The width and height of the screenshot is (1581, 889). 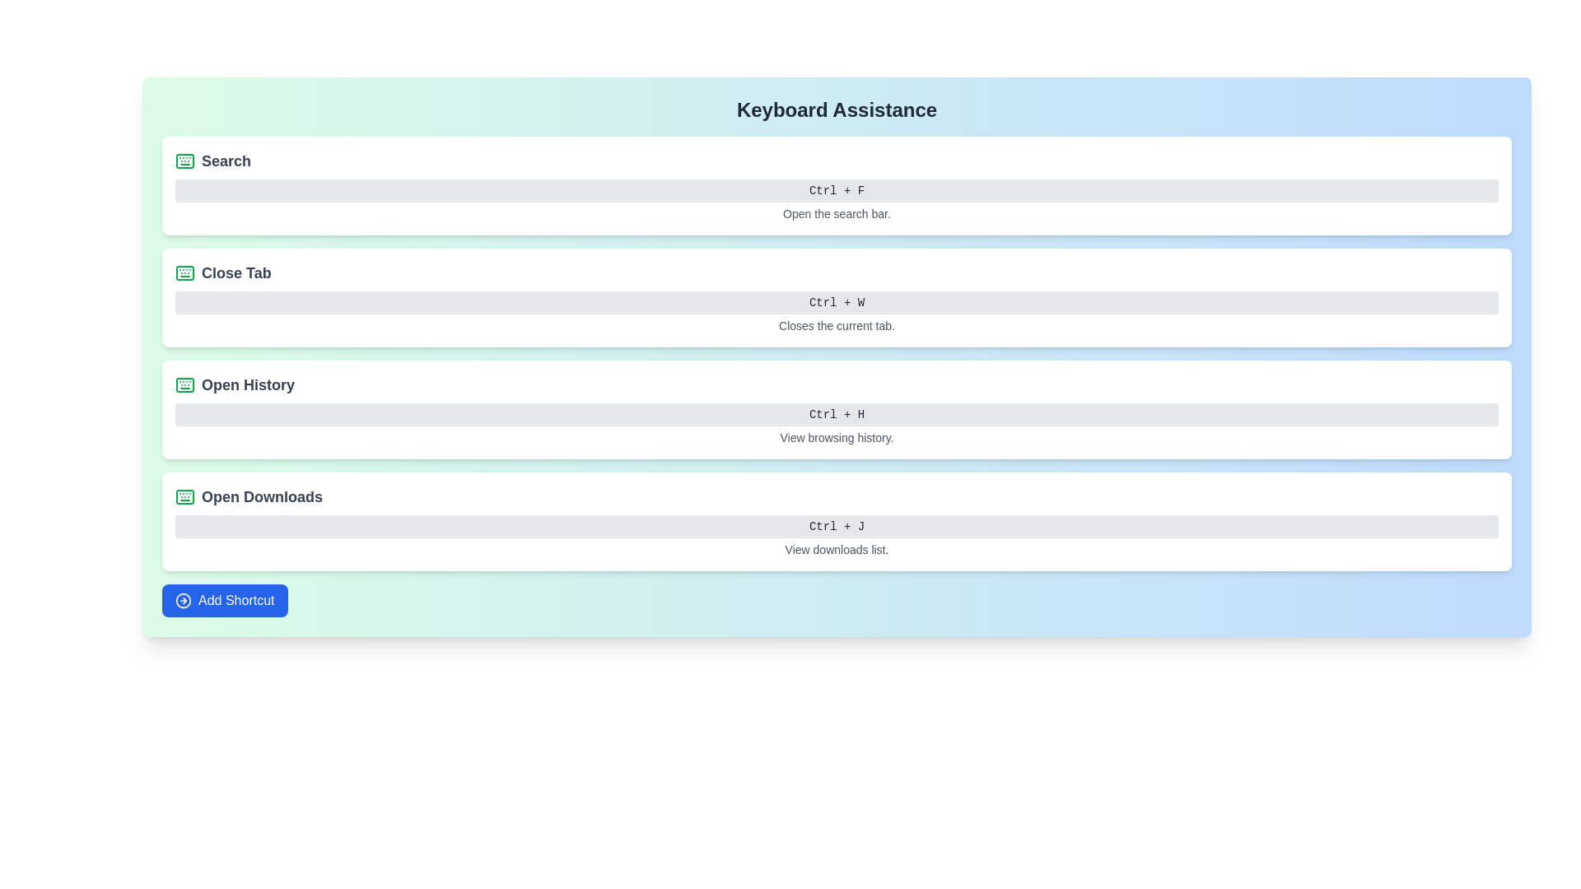 What do you see at coordinates (185, 161) in the screenshot?
I see `the 'Search' icon located to the left of the 'Search' label in the topmost row of options` at bounding box center [185, 161].